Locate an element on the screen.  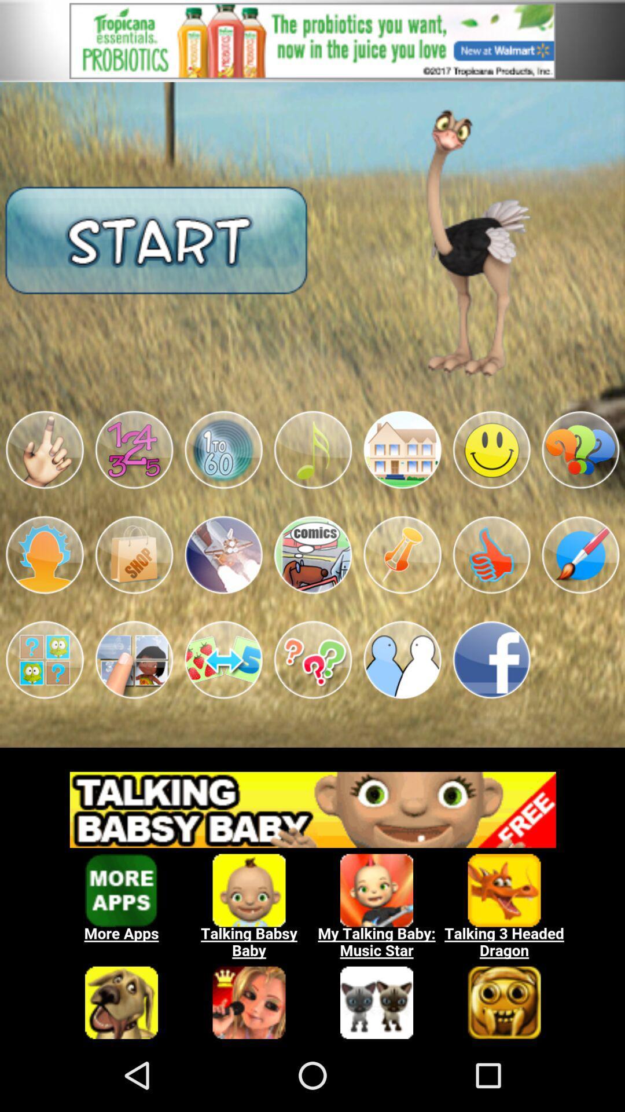
home icon is located at coordinates (402, 449).